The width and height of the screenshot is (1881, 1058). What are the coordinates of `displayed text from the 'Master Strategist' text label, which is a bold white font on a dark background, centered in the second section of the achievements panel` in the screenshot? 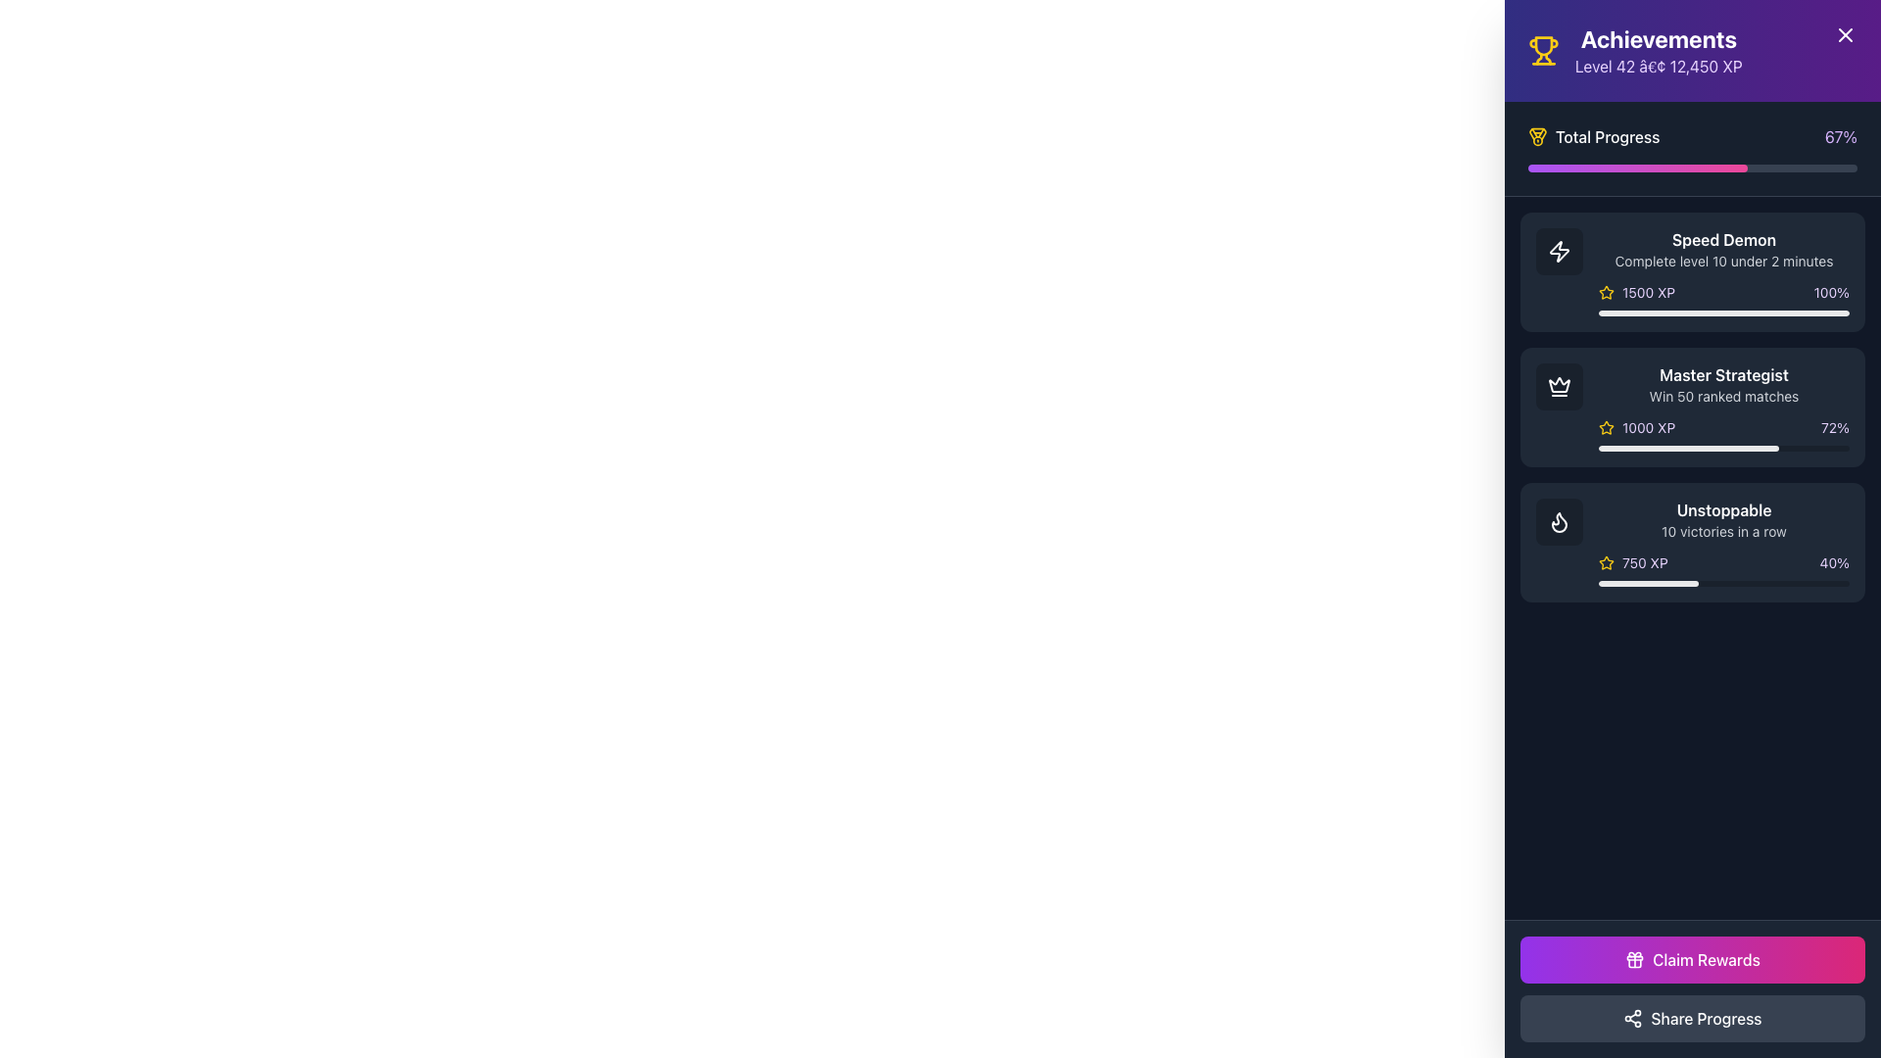 It's located at (1724, 374).